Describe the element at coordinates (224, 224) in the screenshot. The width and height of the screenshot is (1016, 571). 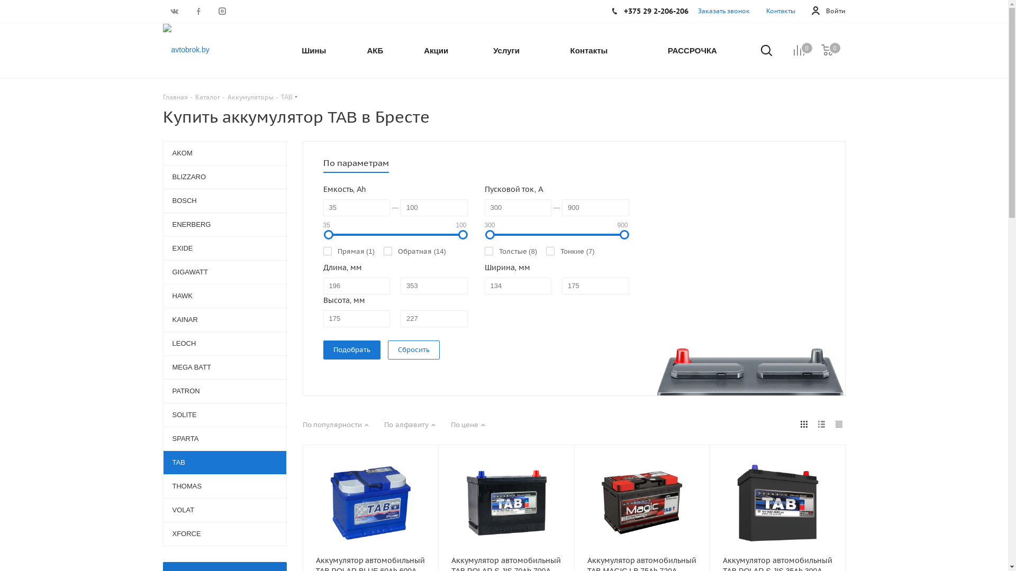
I see `'ENERBERG'` at that location.